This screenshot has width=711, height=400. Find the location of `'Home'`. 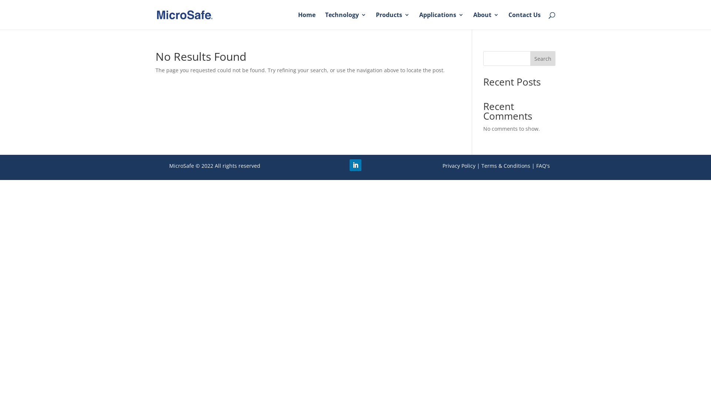

'Home' is located at coordinates (307, 20).